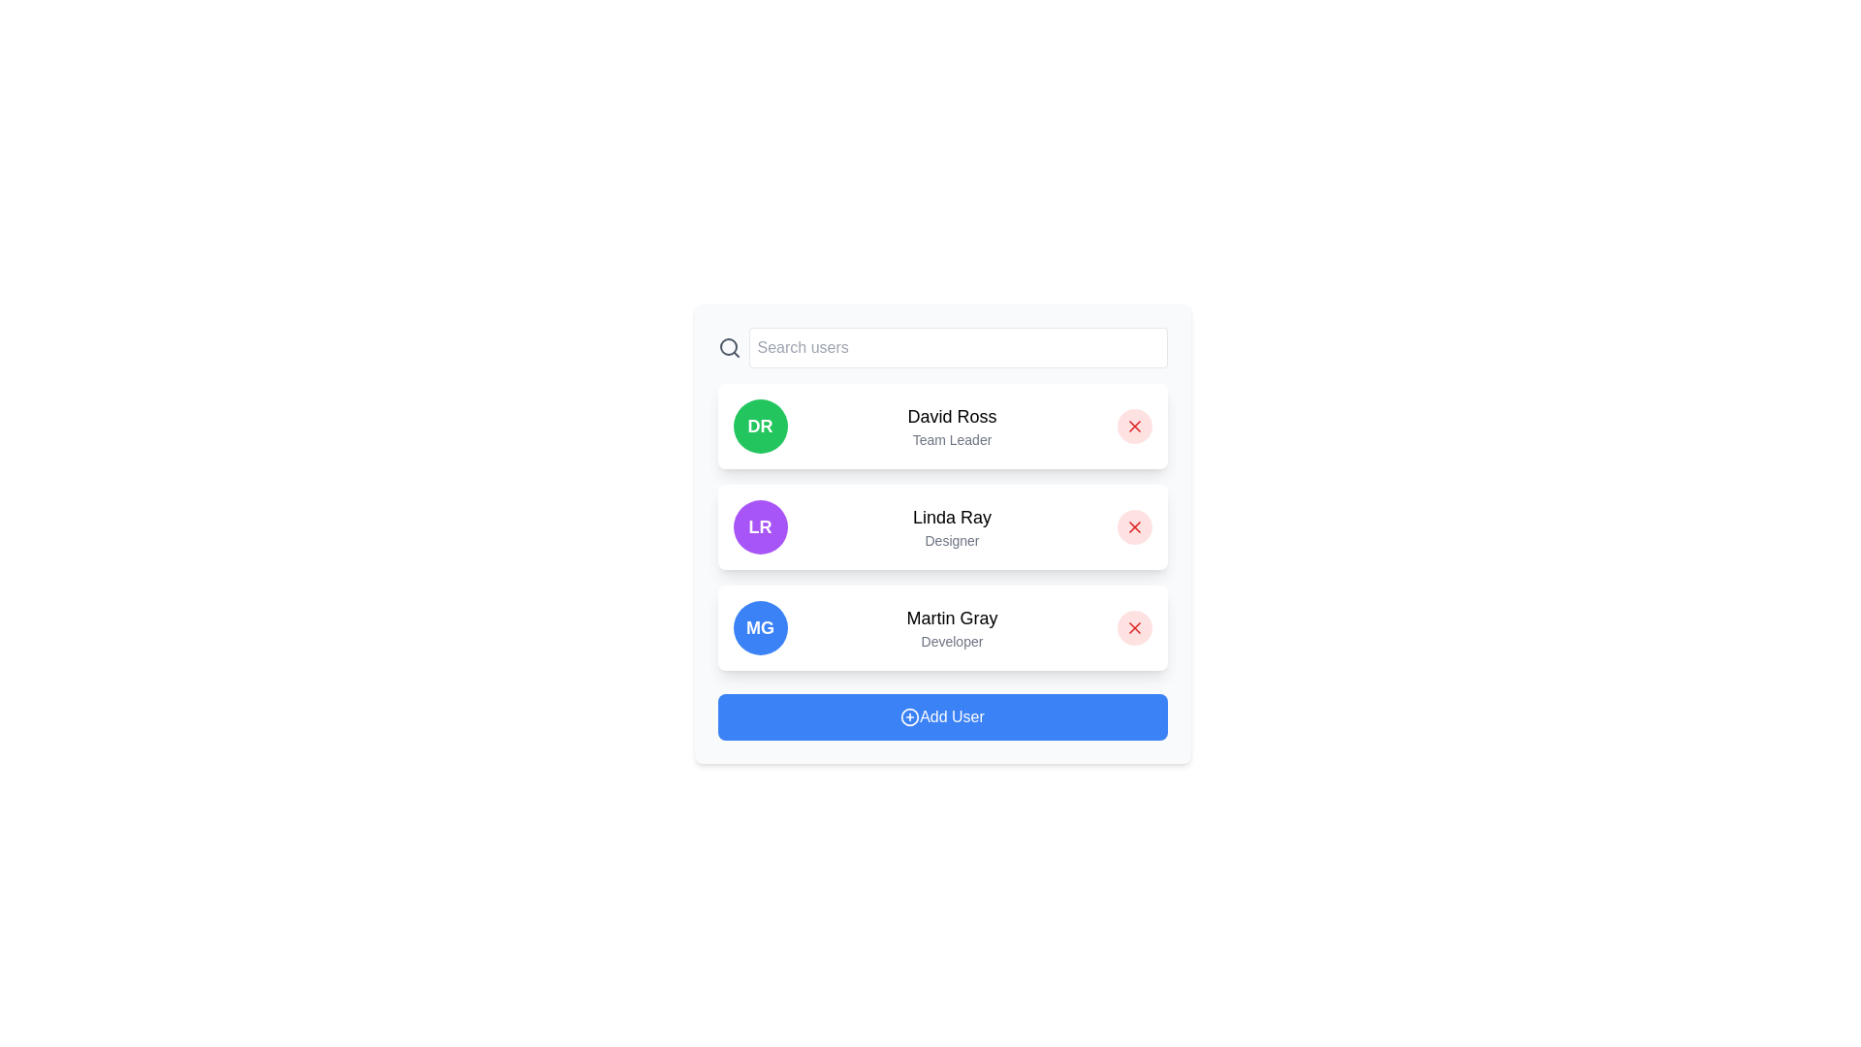 The width and height of the screenshot is (1861, 1047). I want to click on the 'X' icon adjacent to the 'David Ross' user entry, so click(1134, 425).